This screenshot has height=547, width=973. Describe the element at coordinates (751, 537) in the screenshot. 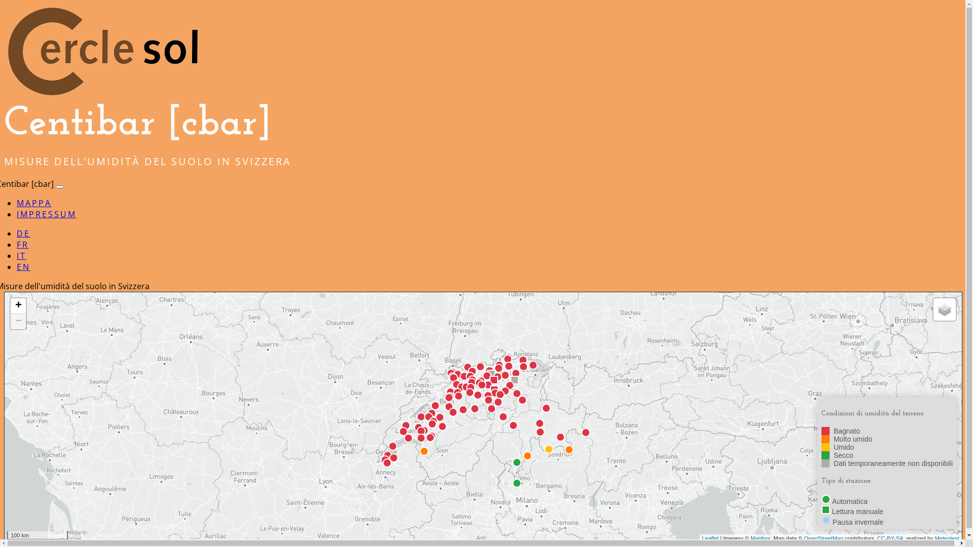

I see `'Mapbox'` at that location.